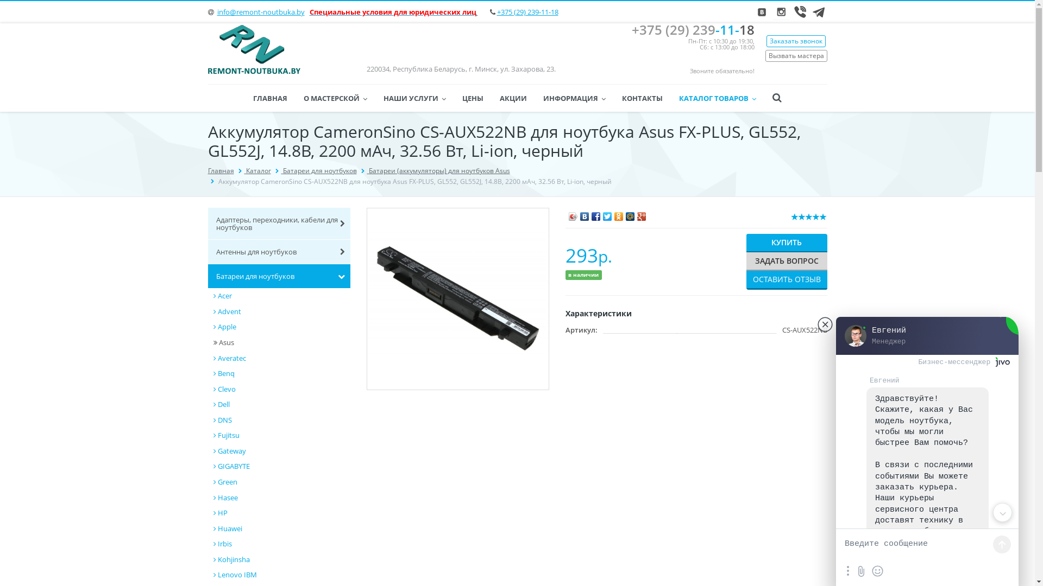 The image size is (1043, 586). I want to click on 'Google Plus', so click(642, 213).